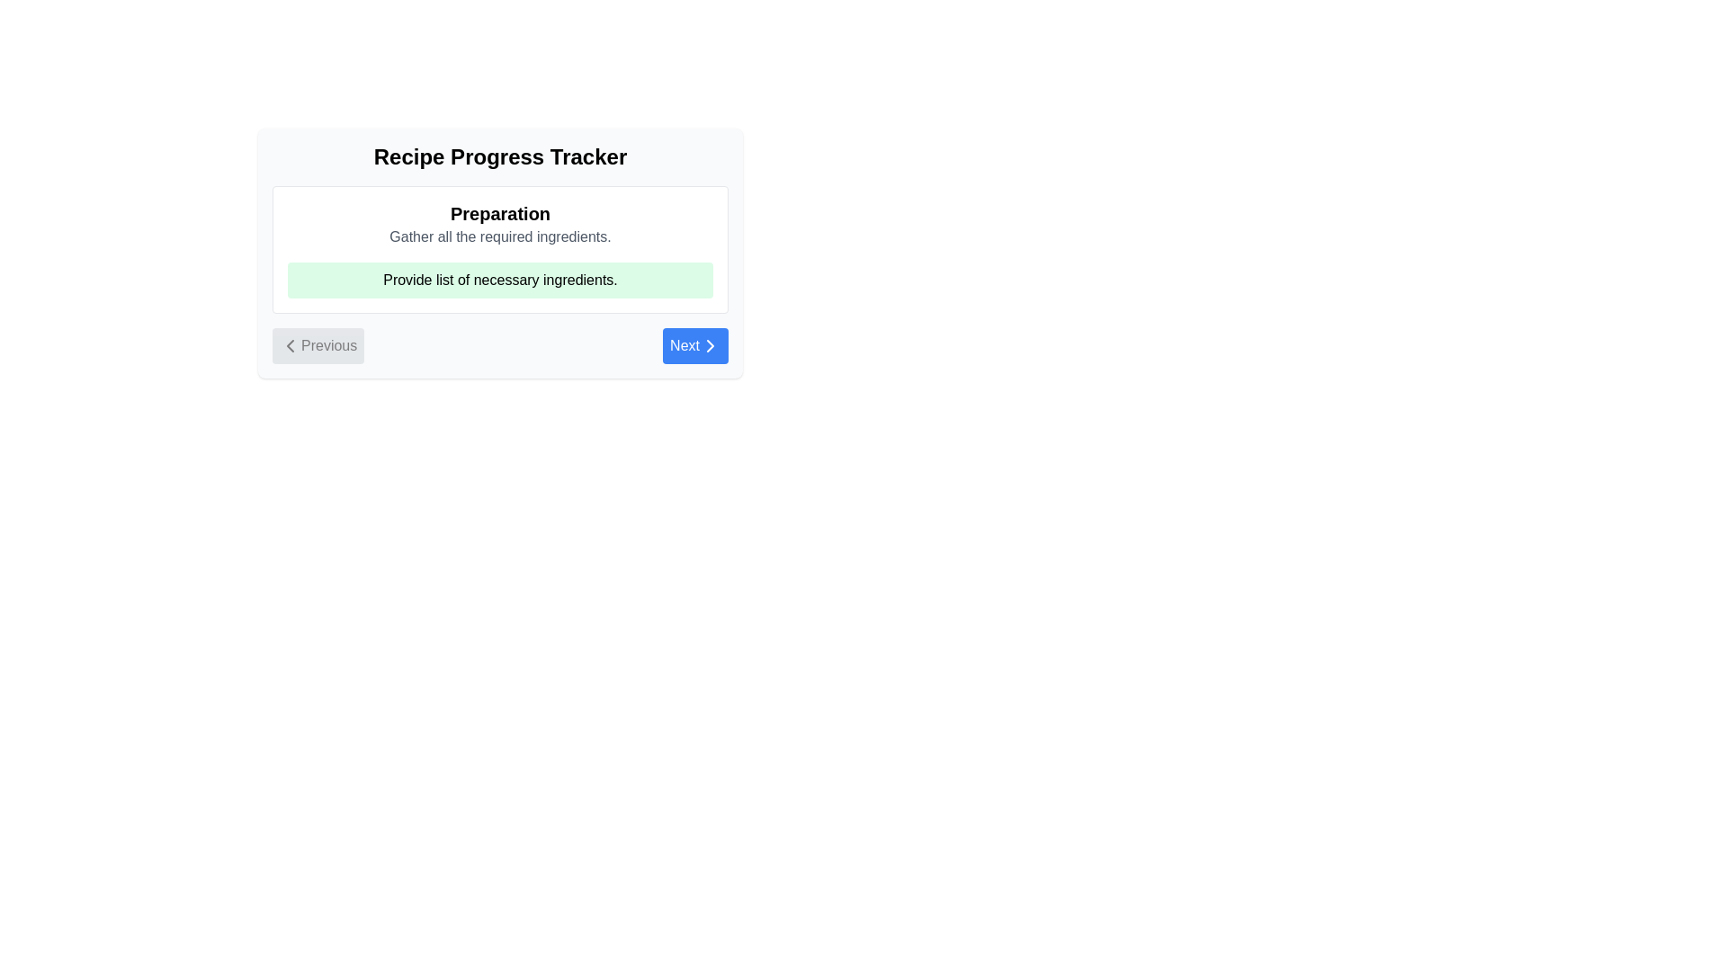 The image size is (1727, 971). What do you see at coordinates (500, 281) in the screenshot?
I see `the instruction text block that prompts users to list necessary ingredients, located in the 'Preparation' section below 'Gather all the required ingredients.'` at bounding box center [500, 281].